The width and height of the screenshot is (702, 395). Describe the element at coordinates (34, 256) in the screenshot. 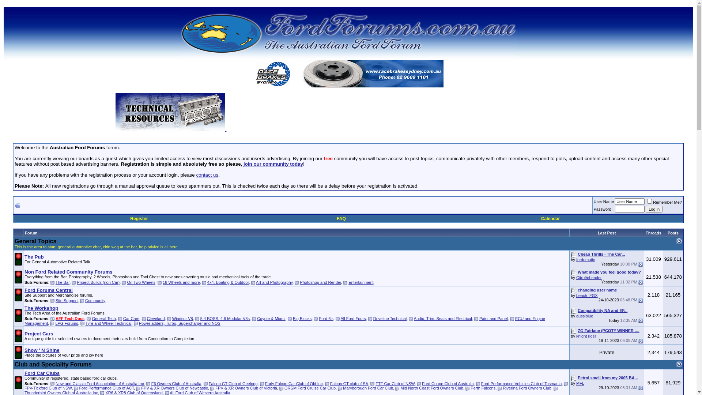

I see `'The Pub'` at that location.